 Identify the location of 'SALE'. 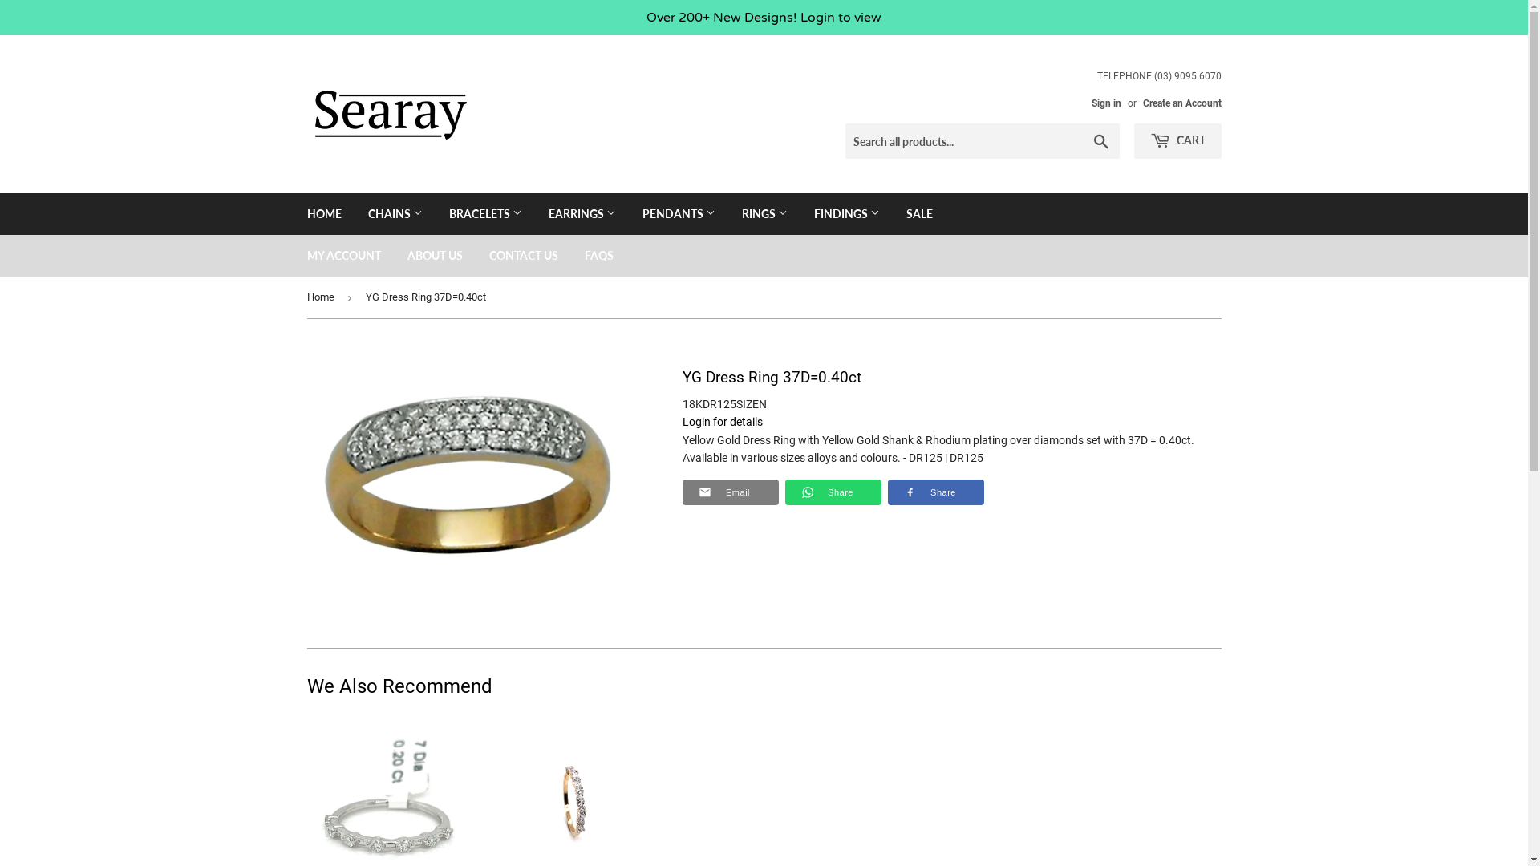
(918, 212).